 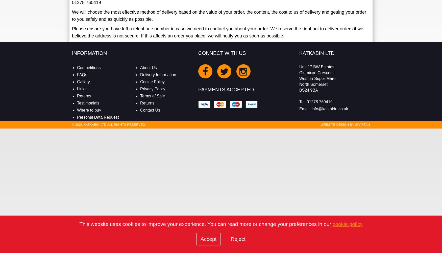 What do you see at coordinates (222, 53) in the screenshot?
I see `'Connect With Us'` at bounding box center [222, 53].